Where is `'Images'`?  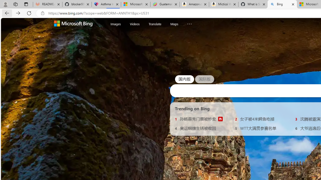 'Images' is located at coordinates (115, 24).